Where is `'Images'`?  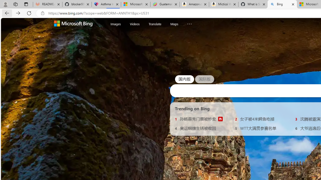 'Images' is located at coordinates (115, 24).